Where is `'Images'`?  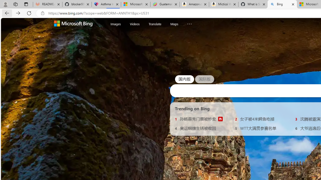 'Images' is located at coordinates (115, 24).